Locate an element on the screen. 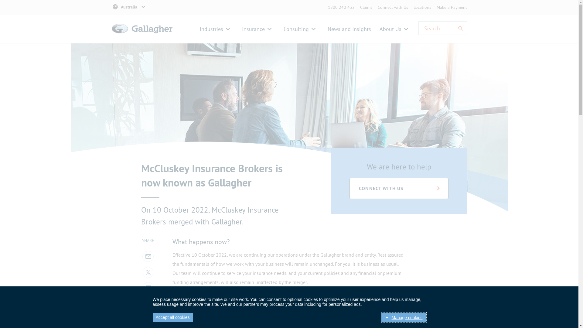  'Share this via LinkedIn' is located at coordinates (148, 287).